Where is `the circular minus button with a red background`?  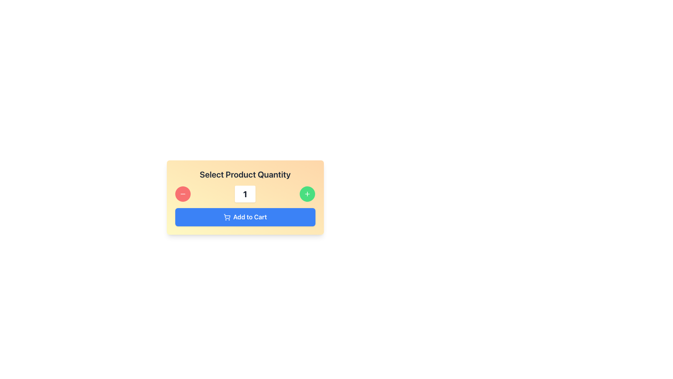
the circular minus button with a red background is located at coordinates (183, 194).